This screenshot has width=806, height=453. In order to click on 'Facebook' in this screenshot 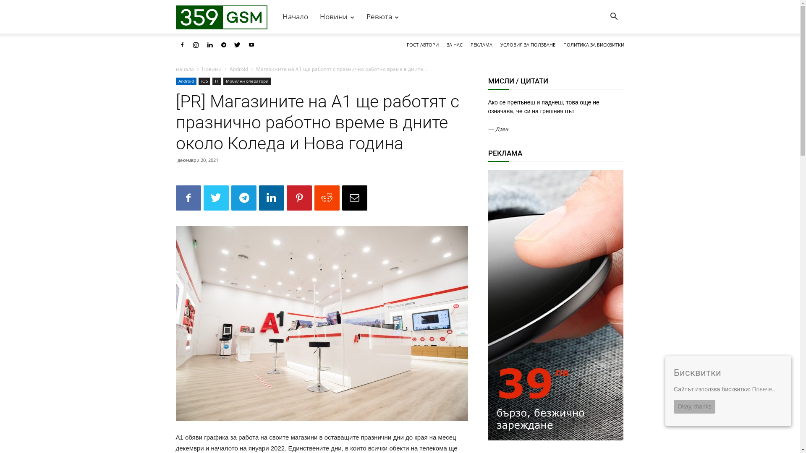, I will do `click(175, 45)`.